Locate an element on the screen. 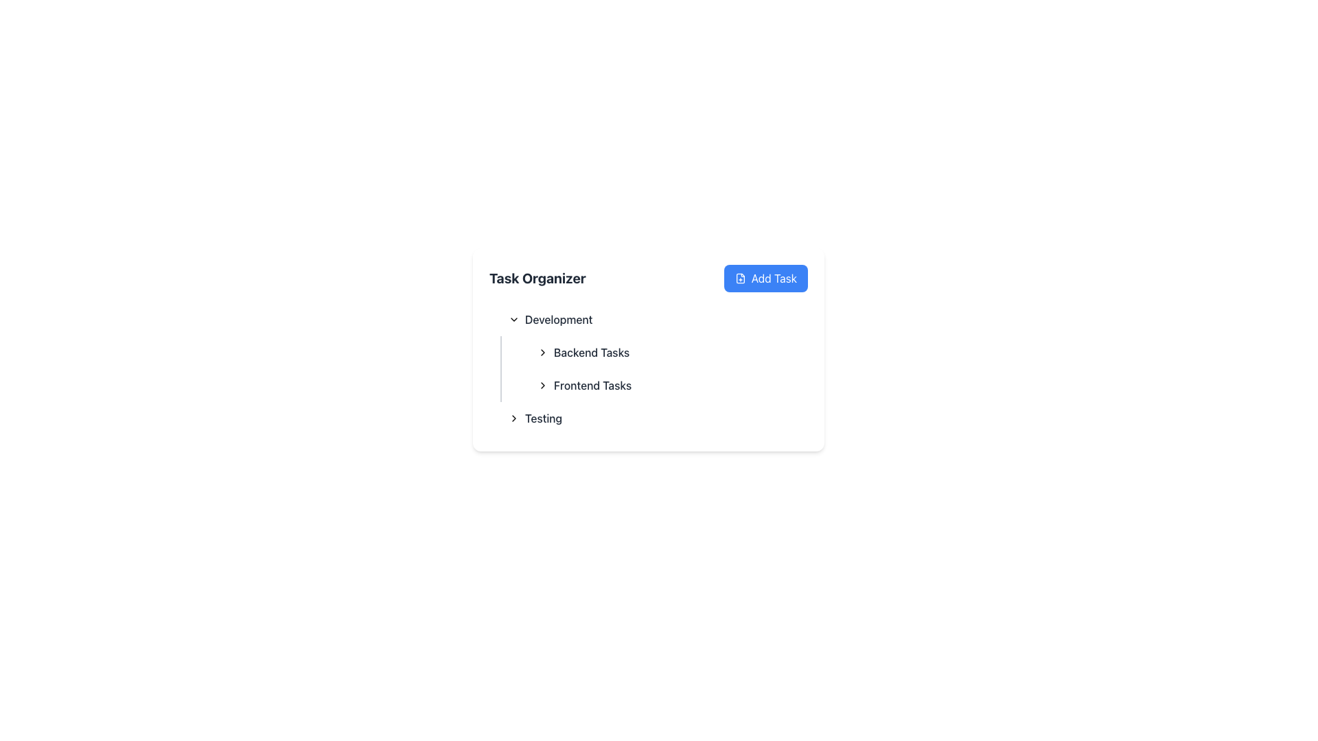 The width and height of the screenshot is (1318, 741). the expandable list item labeled 'Testing' by navigating to its content at the center of the element is located at coordinates (535, 417).